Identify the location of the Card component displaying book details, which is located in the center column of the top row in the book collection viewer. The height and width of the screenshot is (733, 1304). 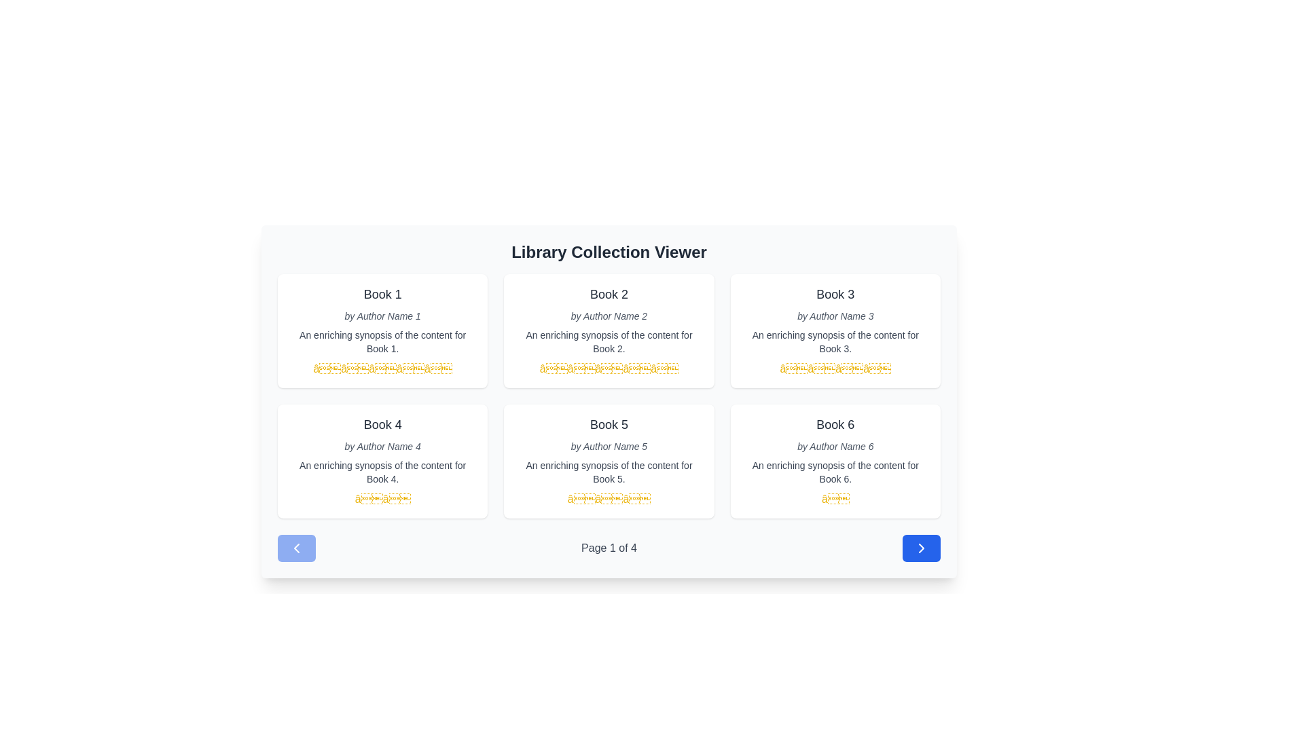
(609, 331).